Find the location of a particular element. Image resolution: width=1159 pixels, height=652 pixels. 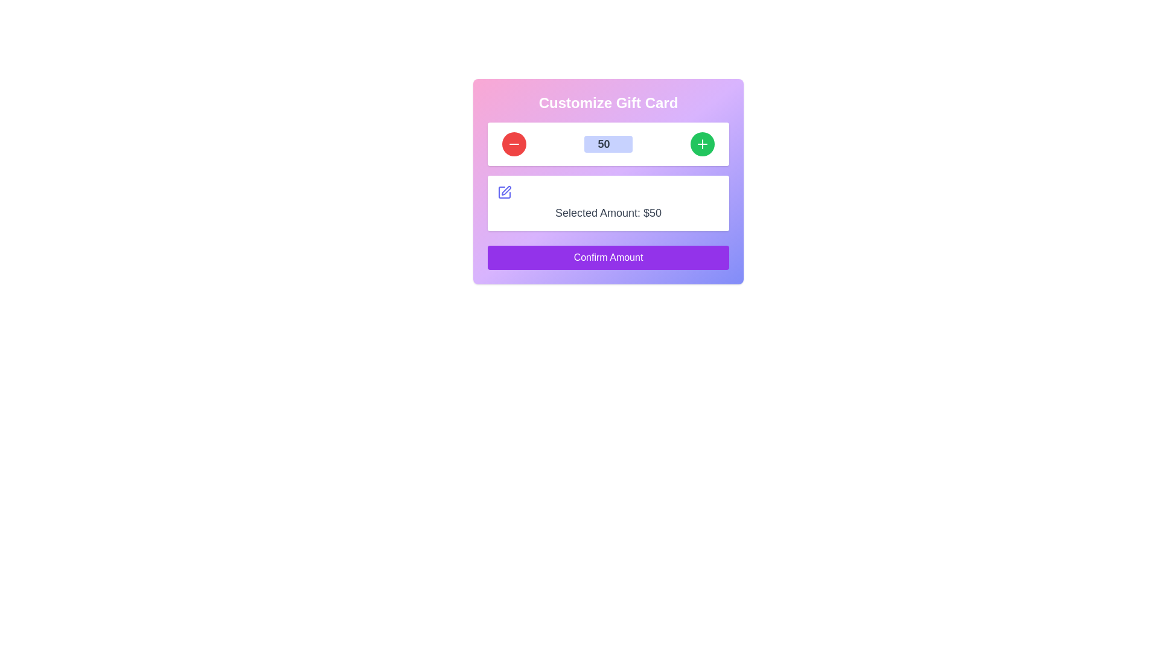

the increment button located to the right of the numeric input field (currently displaying '50') is located at coordinates (702, 144).